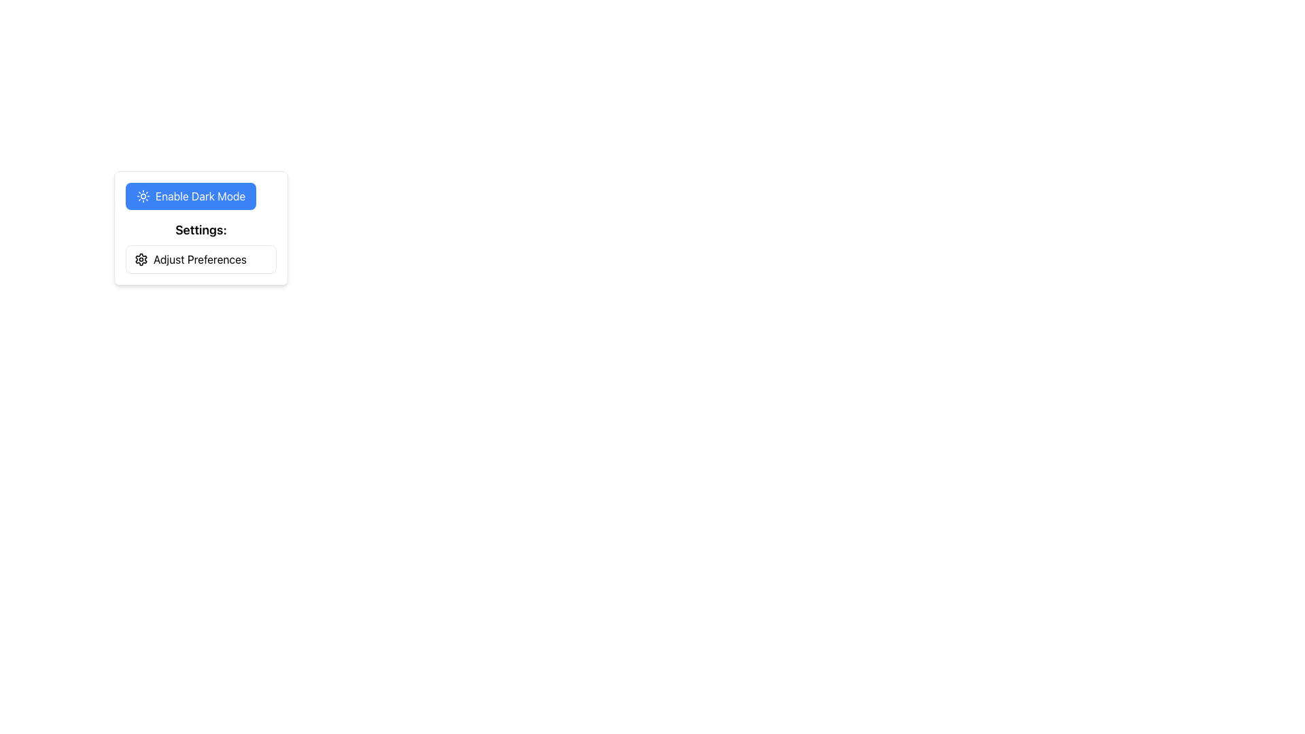 This screenshot has height=734, width=1305. What do you see at coordinates (201, 259) in the screenshot?
I see `the button labeled 'Adjust Preferences' which has a gear icon on the left and is centrally aligned below the 'Settings:' text to observe any hover effects` at bounding box center [201, 259].